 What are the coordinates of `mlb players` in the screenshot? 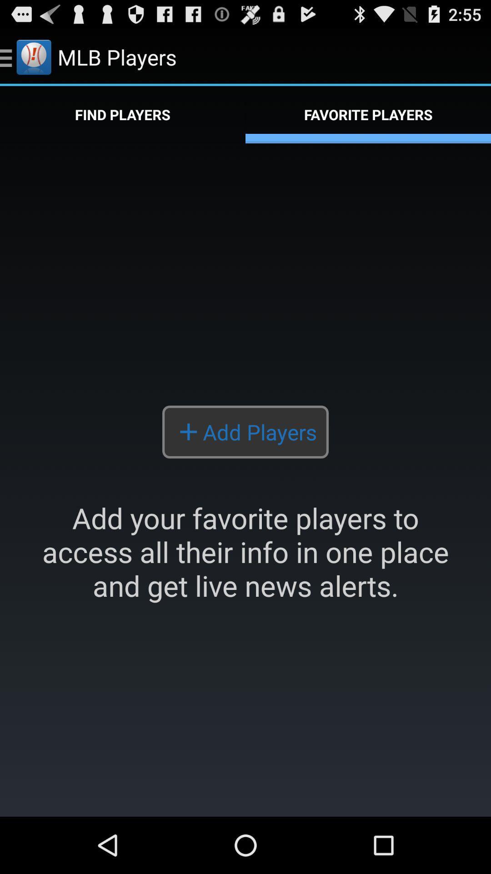 It's located at (245, 479).